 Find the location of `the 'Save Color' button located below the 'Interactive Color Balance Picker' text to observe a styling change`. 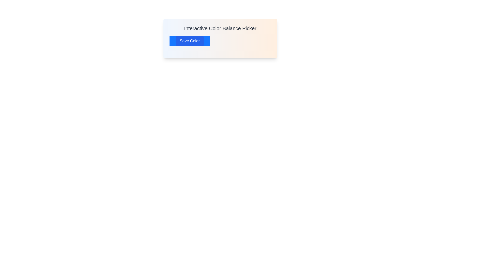

the 'Save Color' button located below the 'Interactive Color Balance Picker' text to observe a styling change is located at coordinates (189, 41).